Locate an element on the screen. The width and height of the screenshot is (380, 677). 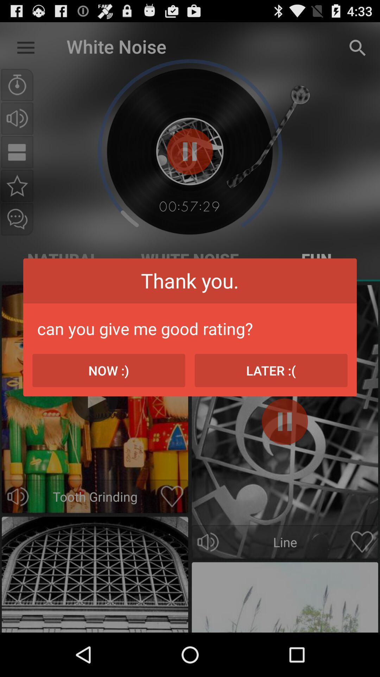
the later :( item is located at coordinates (271, 370).